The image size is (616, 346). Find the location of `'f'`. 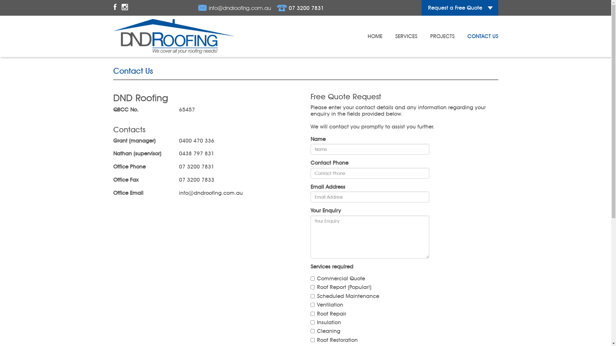

'f' is located at coordinates (115, 8).